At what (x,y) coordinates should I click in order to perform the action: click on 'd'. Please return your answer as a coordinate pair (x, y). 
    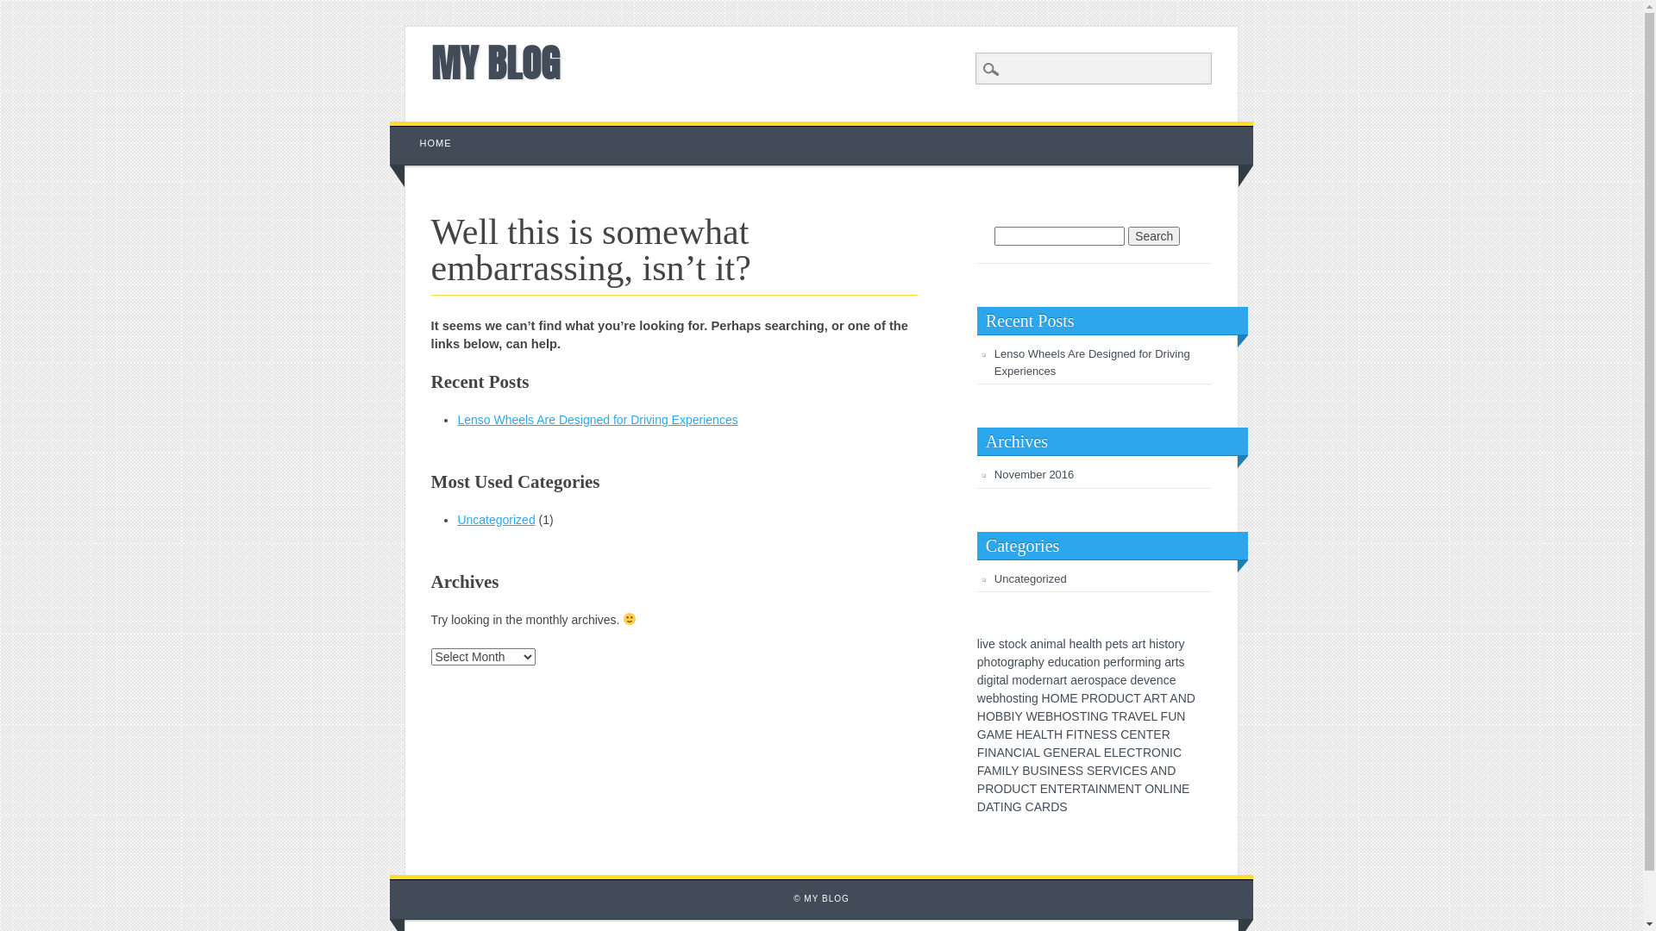
    Looking at the image, I should click on (1032, 679).